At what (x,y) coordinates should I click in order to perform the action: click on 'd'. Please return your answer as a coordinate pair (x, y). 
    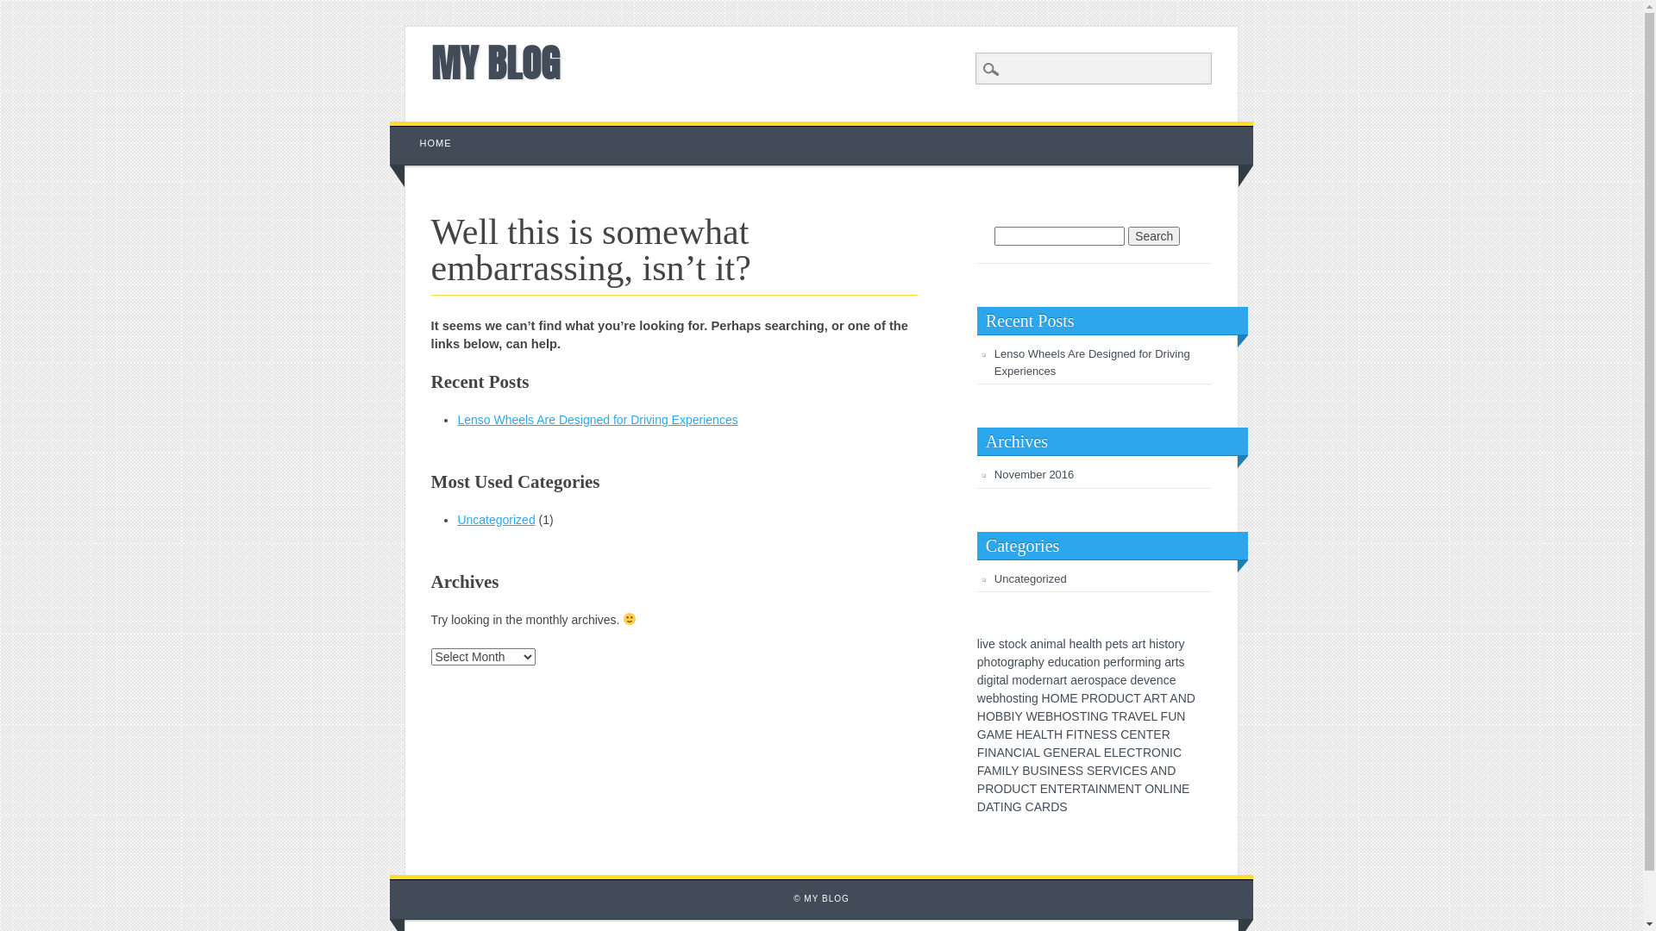
    Looking at the image, I should click on (1032, 679).